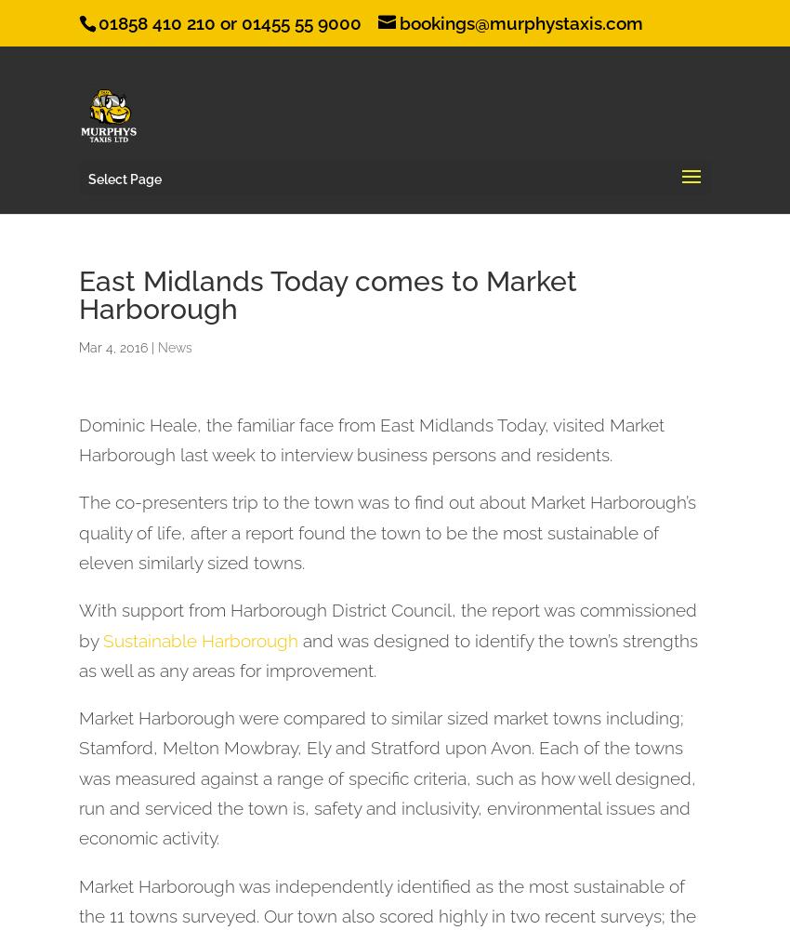  Describe the element at coordinates (125, 178) in the screenshot. I see `'Select Page'` at that location.